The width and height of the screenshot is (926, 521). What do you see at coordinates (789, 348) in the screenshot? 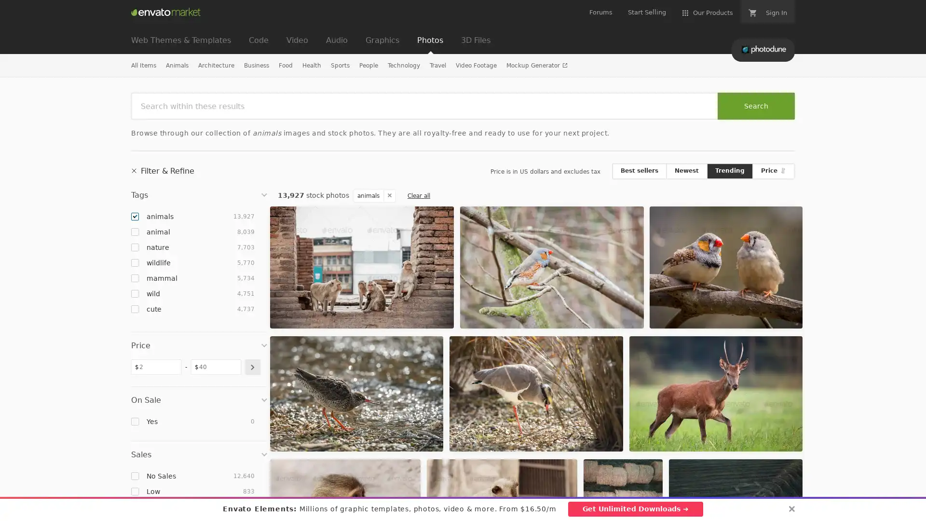
I see `Add to Favorites` at bounding box center [789, 348].